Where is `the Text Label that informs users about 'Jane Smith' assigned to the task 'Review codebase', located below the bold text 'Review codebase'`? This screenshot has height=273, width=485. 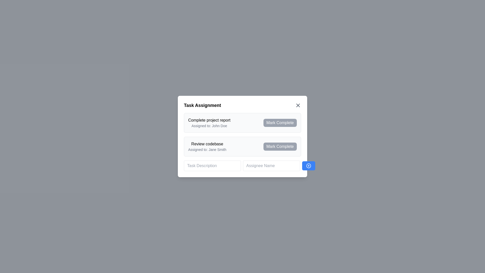
the Text Label that informs users about 'Jane Smith' assigned to the task 'Review codebase', located below the bold text 'Review codebase' is located at coordinates (207, 149).